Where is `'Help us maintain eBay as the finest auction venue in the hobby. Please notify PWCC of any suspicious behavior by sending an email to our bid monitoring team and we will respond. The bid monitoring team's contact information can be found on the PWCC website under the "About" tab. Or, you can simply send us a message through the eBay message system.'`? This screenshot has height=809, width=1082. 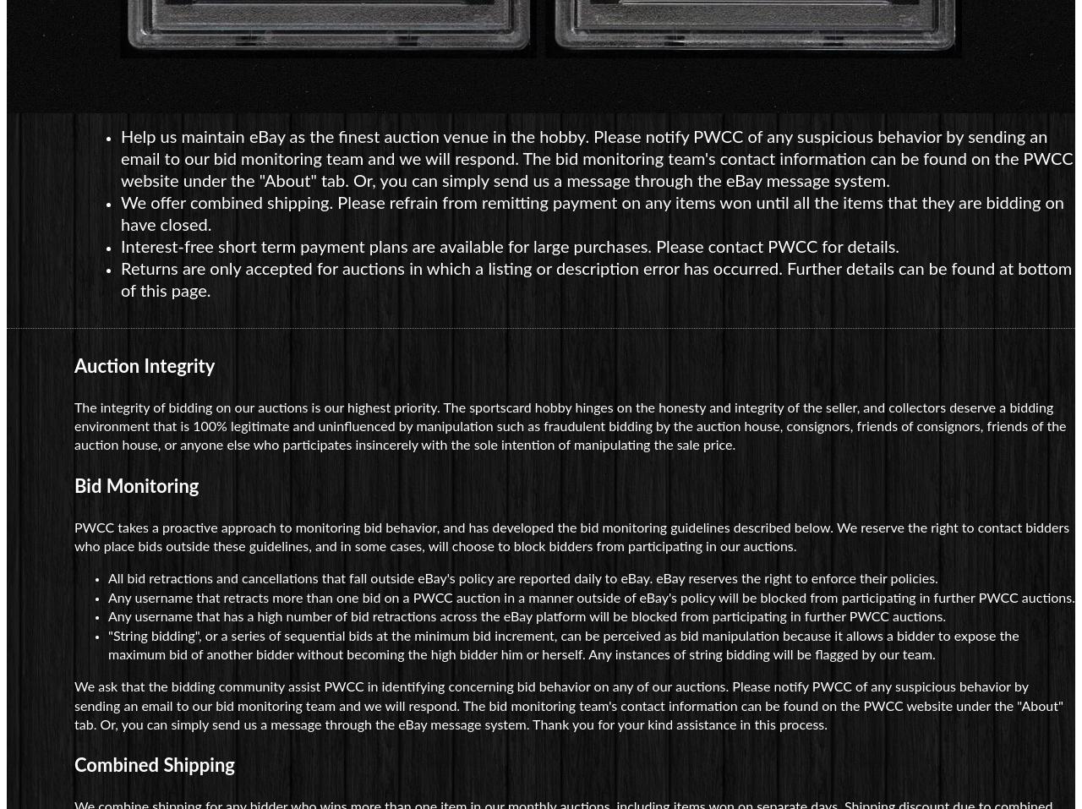
'Help us maintain eBay as the finest auction venue in the hobby. Please notify PWCC of any suspicious behavior by sending an email to our bid monitoring team and we will respond. The bid monitoring team's contact information can be found on the PWCC website under the "About" tab. Or, you can simply send us a message through the eBay message system.' is located at coordinates (597, 158).